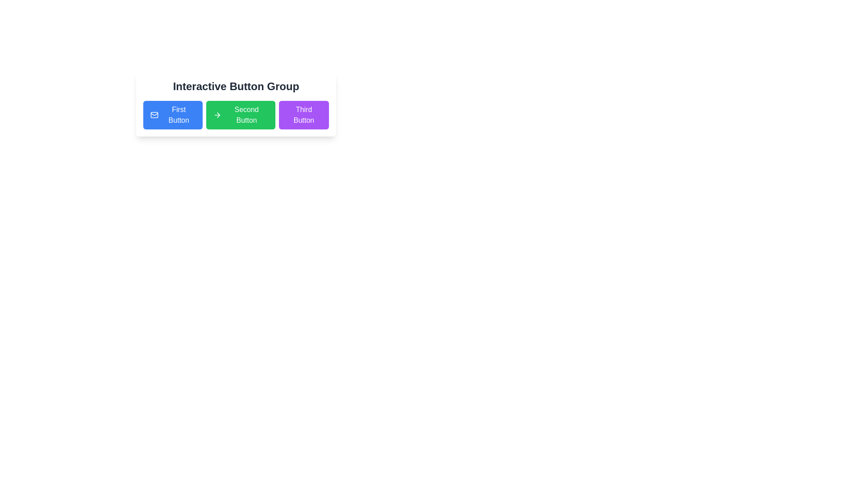 Image resolution: width=857 pixels, height=482 pixels. I want to click on the position of the icon located in the center of the 'Second Button', which symbolizes navigation or progression, so click(217, 115).